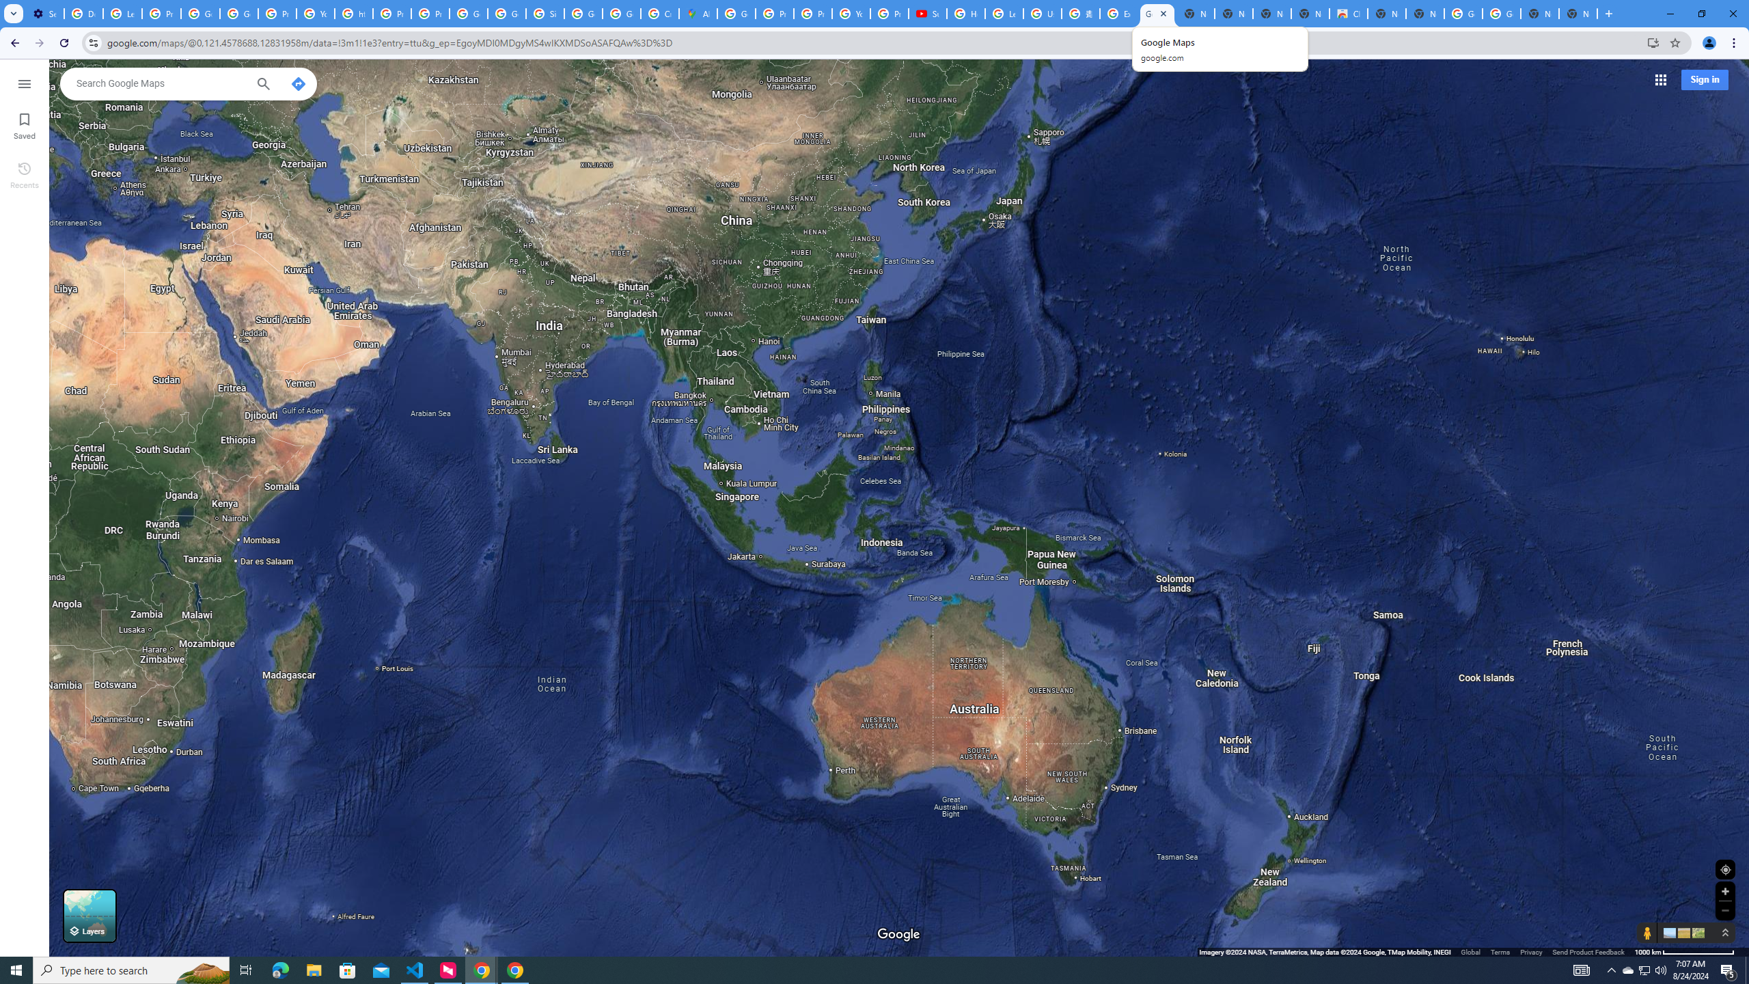  Describe the element at coordinates (1724, 890) in the screenshot. I see `'Zoom in'` at that location.